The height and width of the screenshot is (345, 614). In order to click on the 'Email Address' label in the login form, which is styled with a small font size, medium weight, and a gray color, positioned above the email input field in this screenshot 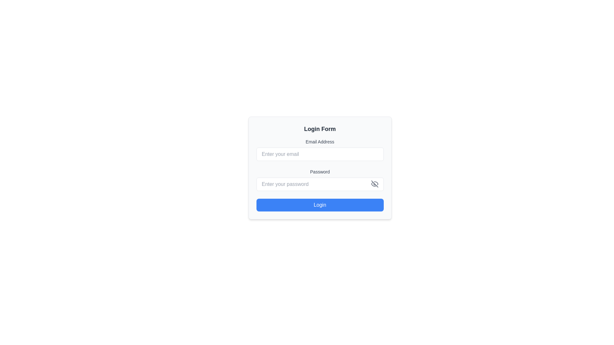, I will do `click(320, 141)`.